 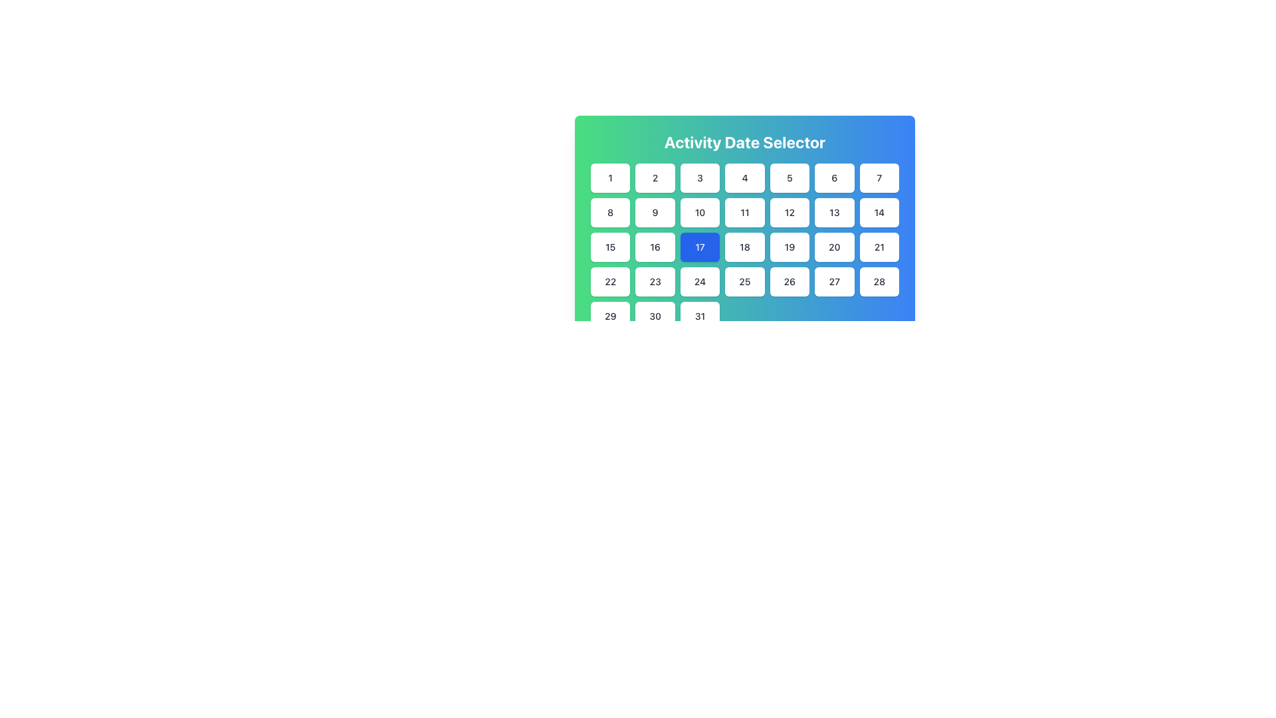 What do you see at coordinates (699, 177) in the screenshot?
I see `the white rectangular button with rounded corners containing the text '3'` at bounding box center [699, 177].